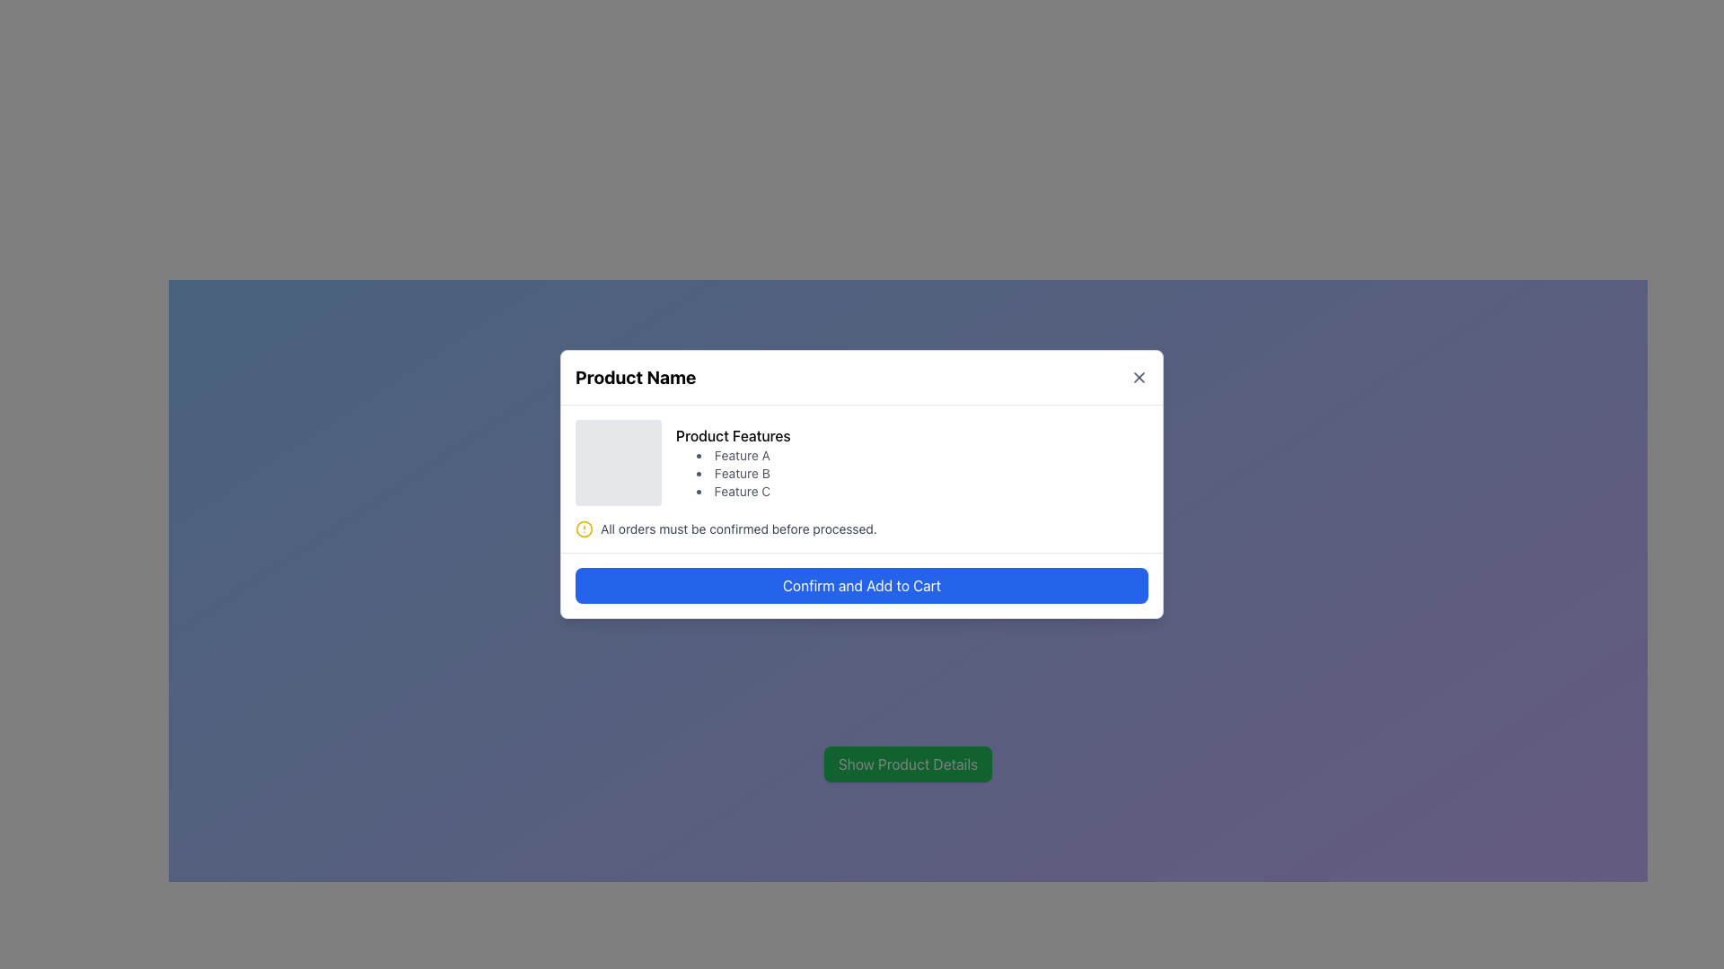 This screenshot has width=1724, height=969. What do you see at coordinates (862, 462) in the screenshot?
I see `the Information display module located inside the modal dialog below the title 'Product Name', which provides detailed information about the product` at bounding box center [862, 462].